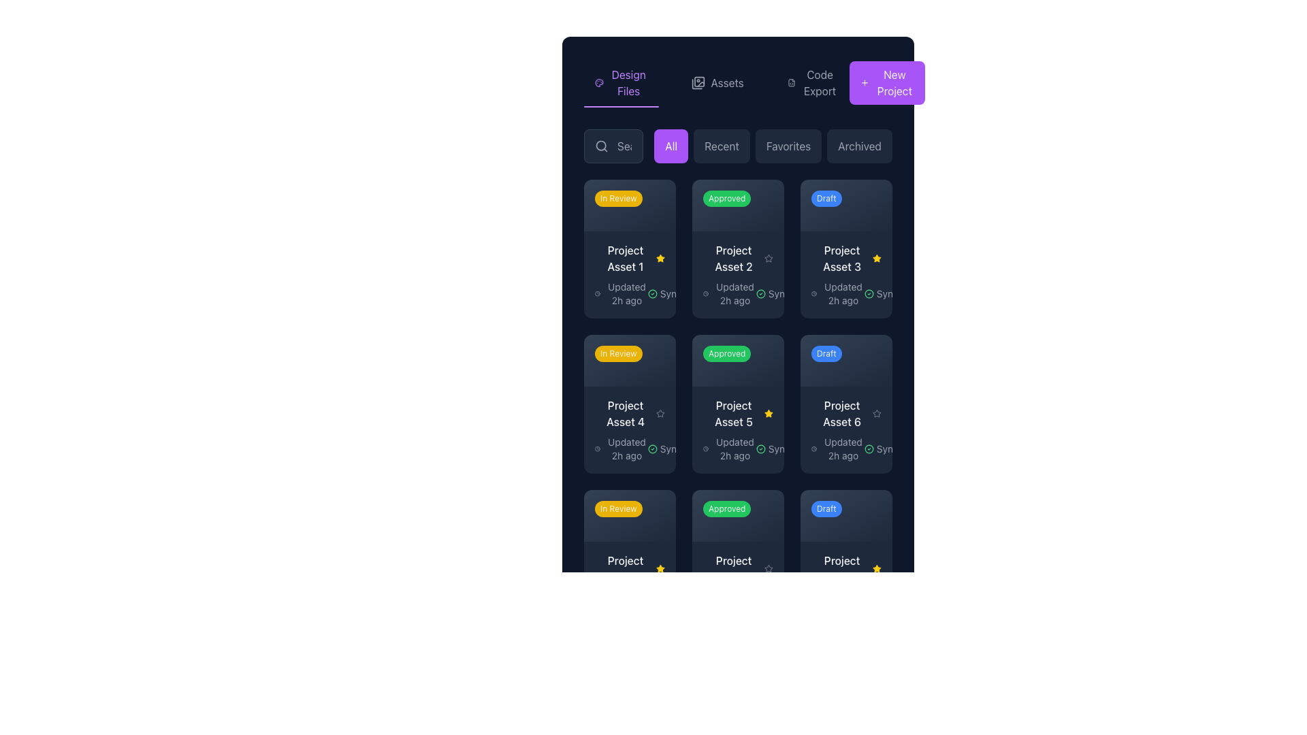  What do you see at coordinates (629, 249) in the screenshot?
I see `the project card with a dark background and a yellow badge labeled 'In Review', which includes the title 'Project Asset 1' and is the first item in the grid layout` at bounding box center [629, 249].